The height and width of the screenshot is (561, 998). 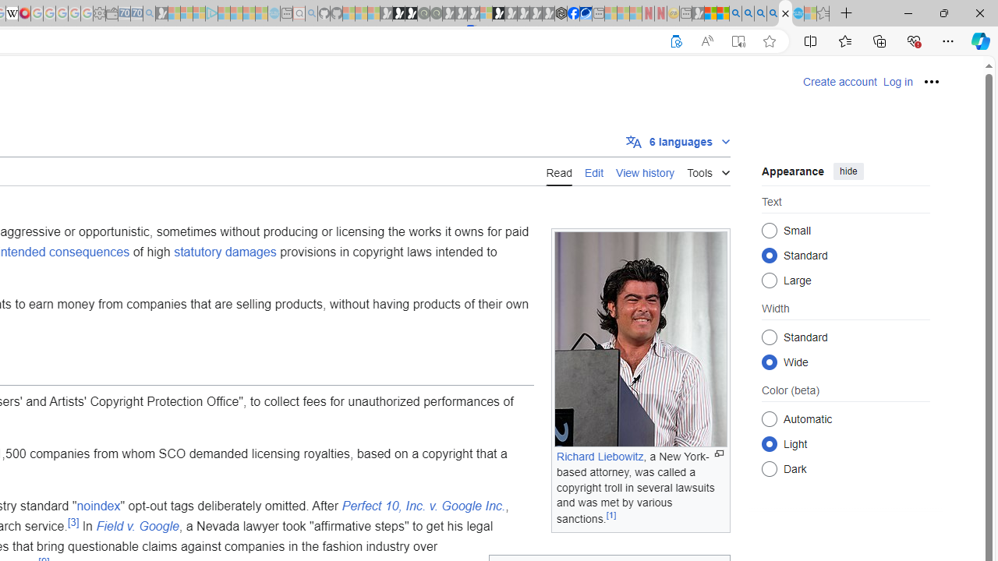 I want to click on 'AirNow.gov', so click(x=585, y=13).